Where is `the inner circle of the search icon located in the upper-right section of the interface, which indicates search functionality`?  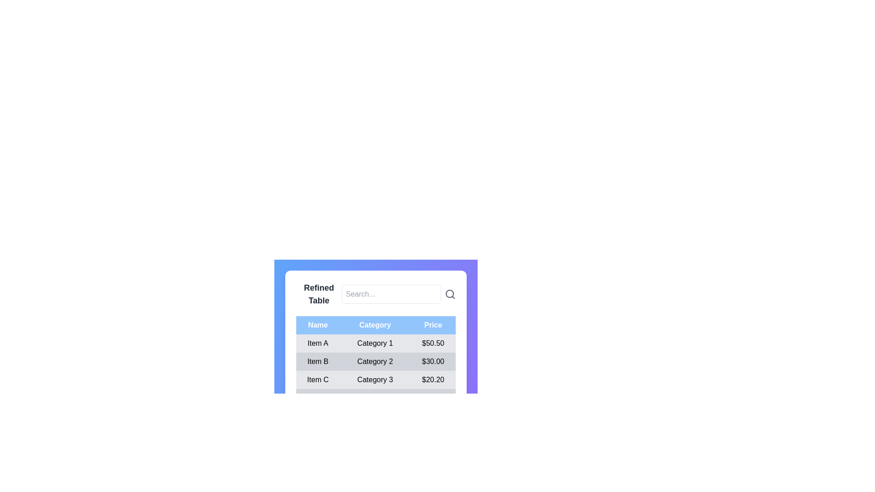 the inner circle of the search icon located in the upper-right section of the interface, which indicates search functionality is located at coordinates (450, 293).